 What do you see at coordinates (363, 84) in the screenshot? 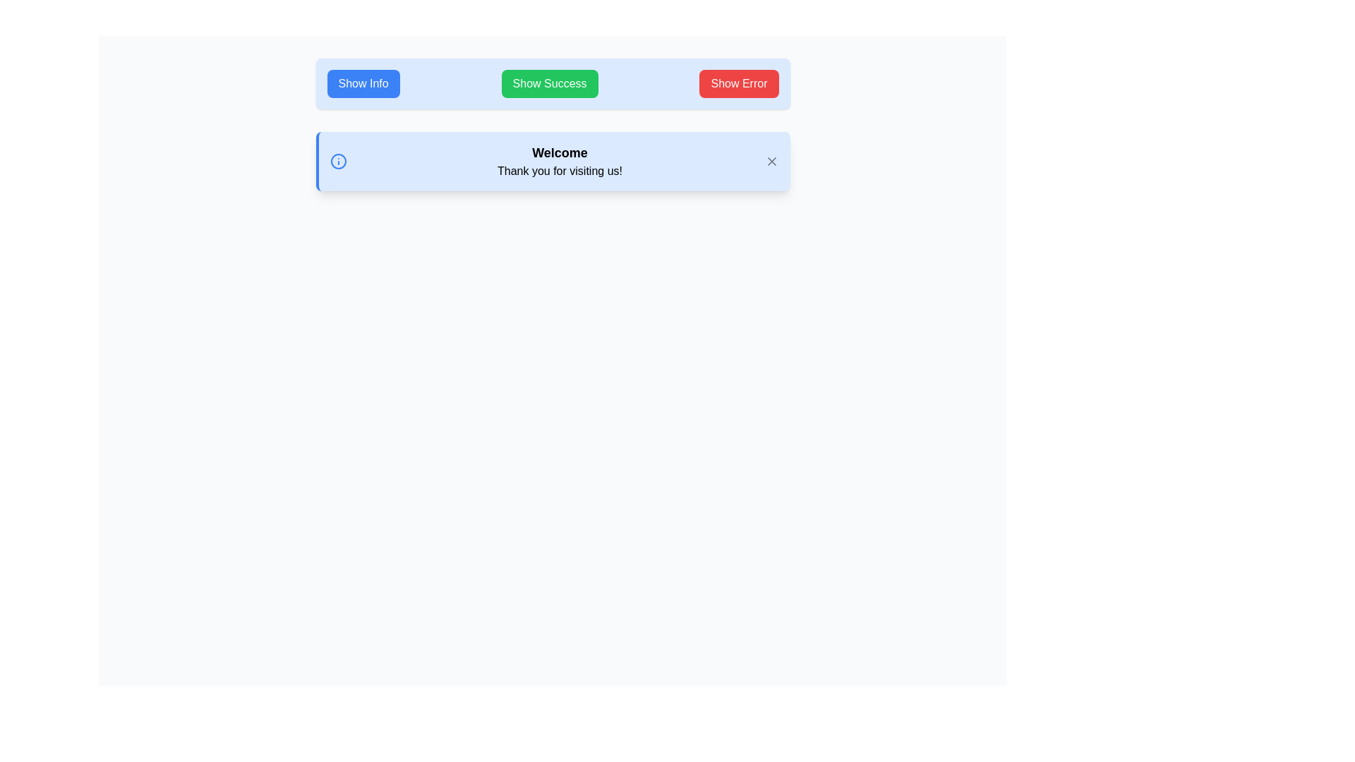
I see `the first button in the horizontal row, which triggers the display of informational content when clicked` at bounding box center [363, 84].